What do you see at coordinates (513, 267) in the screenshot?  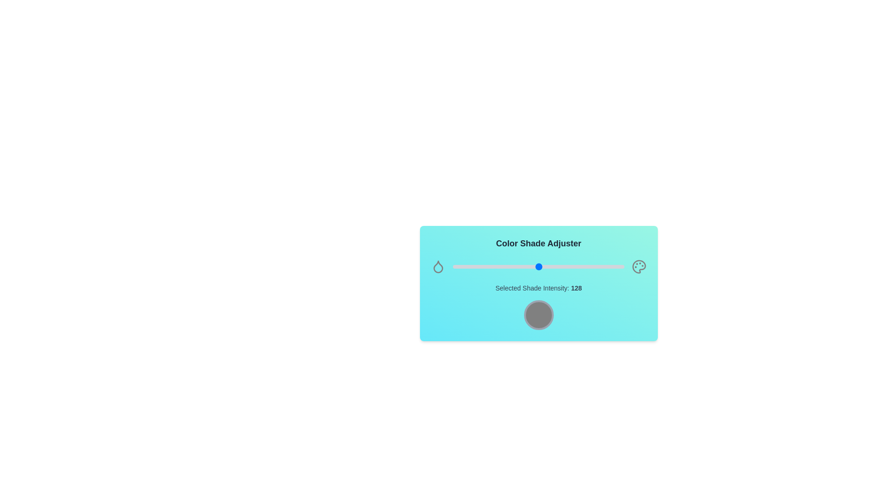 I see `the shade intensity slider to 90 value` at bounding box center [513, 267].